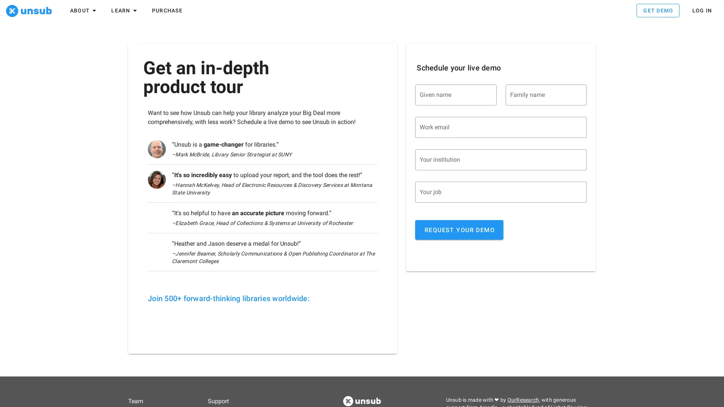  I want to click on LEARN, so click(125, 12).